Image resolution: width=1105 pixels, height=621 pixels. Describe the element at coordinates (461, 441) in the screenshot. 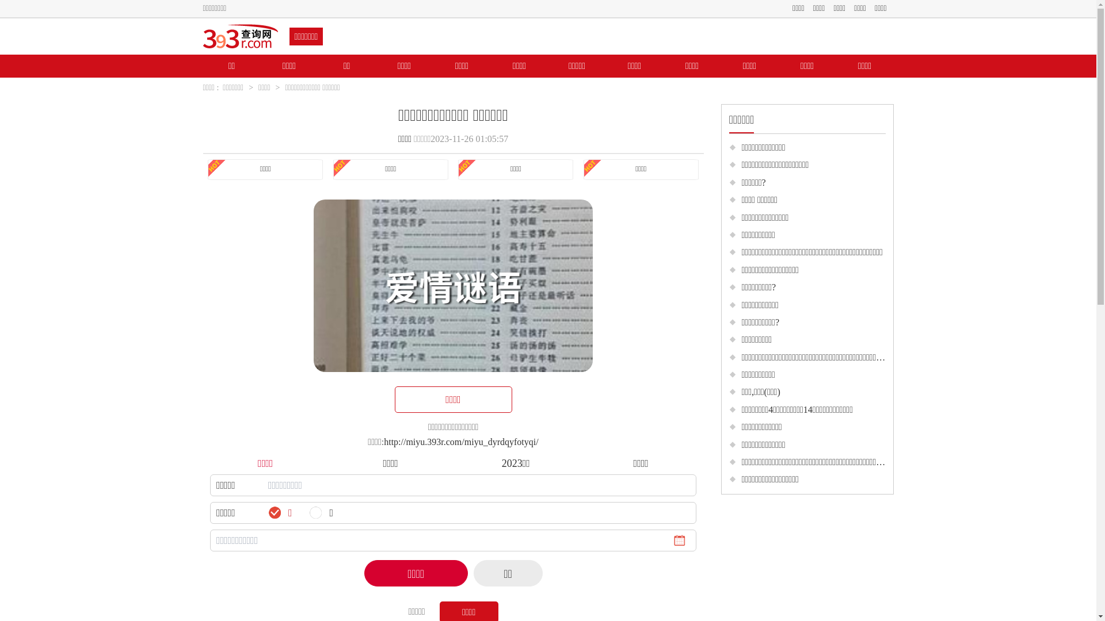

I see `'http://miyu.393r.com/miyu_dyrdqyfotyqi/'` at that location.